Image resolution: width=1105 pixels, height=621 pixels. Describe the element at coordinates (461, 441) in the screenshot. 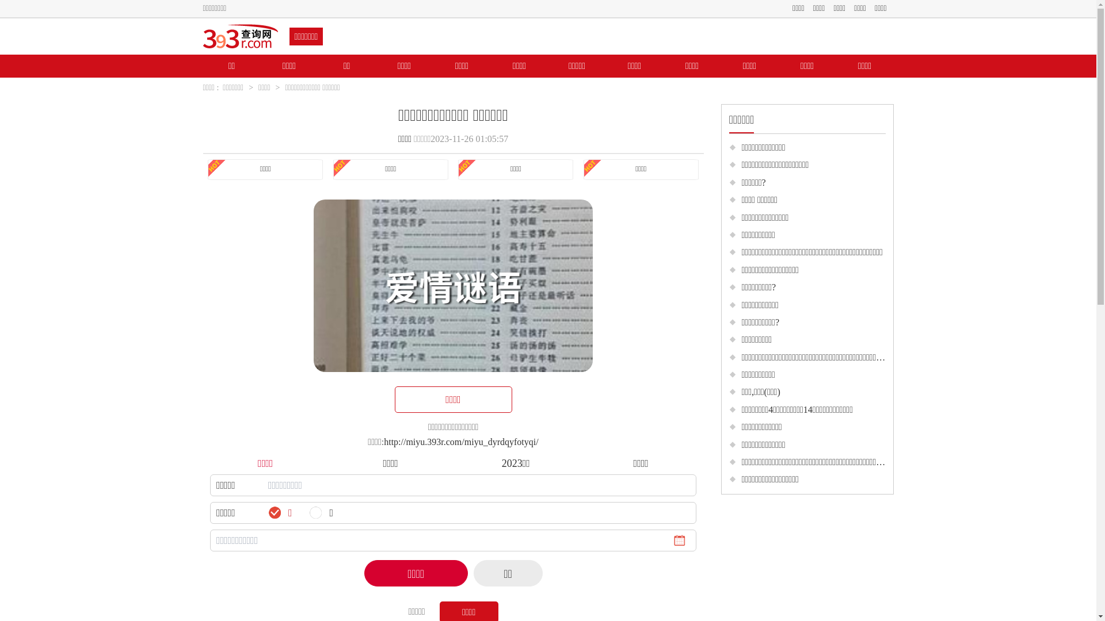

I see `'http://miyu.393r.com/miyu_dyrdqyfotyqi/'` at that location.